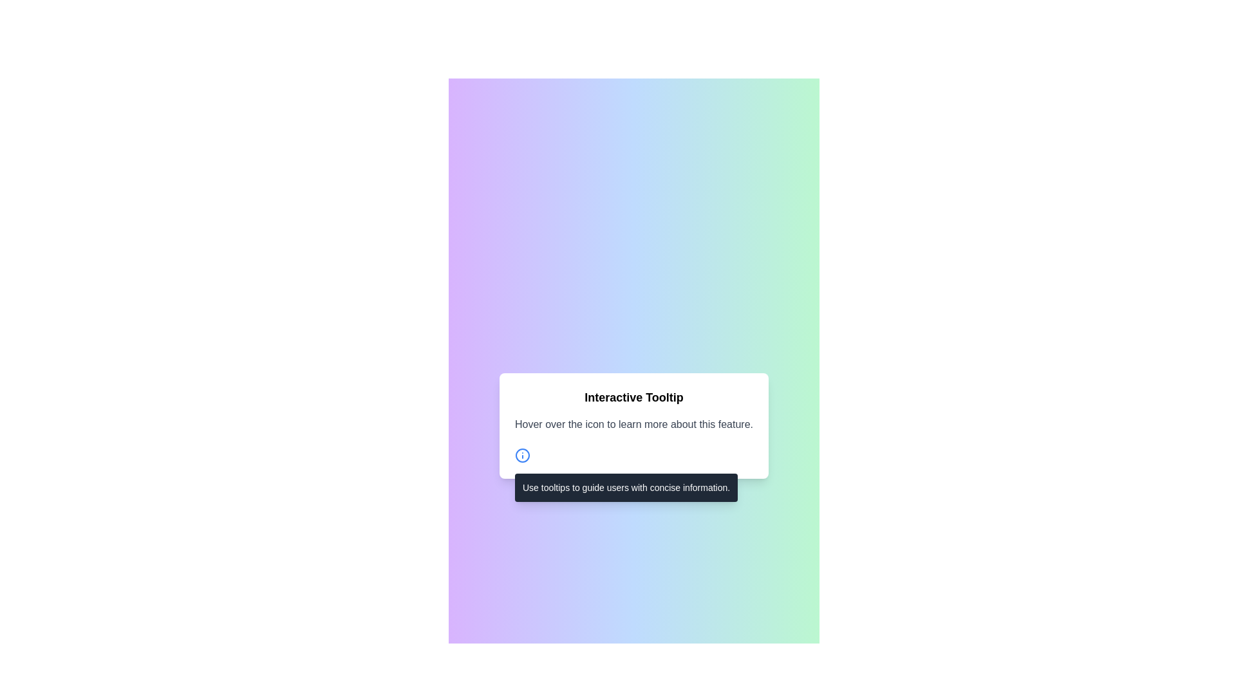  What do you see at coordinates (633, 396) in the screenshot?
I see `the text header labeled 'Interactive Tooltip', which is prominently styled in bold and larger font at the top of the tooltip component` at bounding box center [633, 396].